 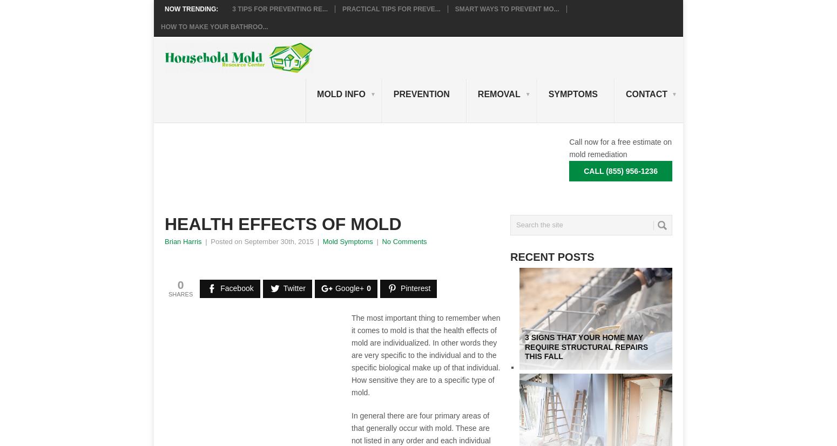 I want to click on 'Facebook', so click(x=237, y=288).